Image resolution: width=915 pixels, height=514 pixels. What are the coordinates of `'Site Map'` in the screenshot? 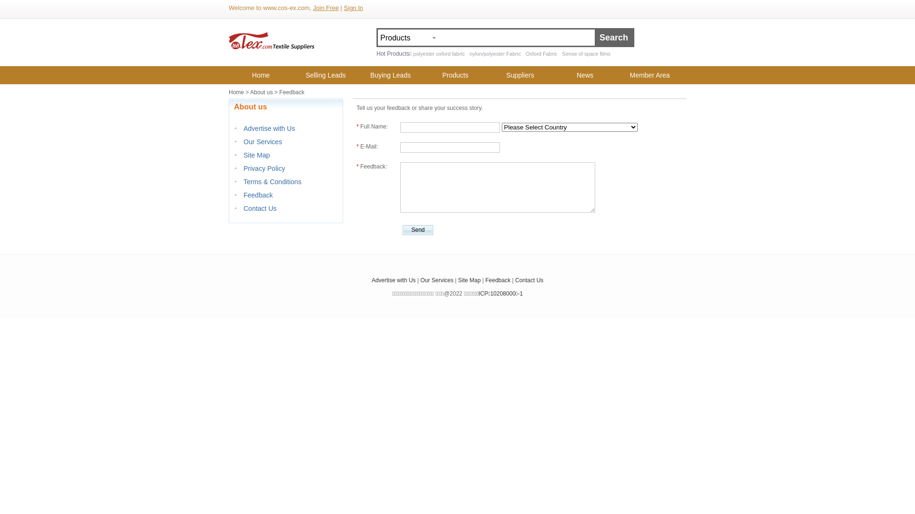 It's located at (256, 155).